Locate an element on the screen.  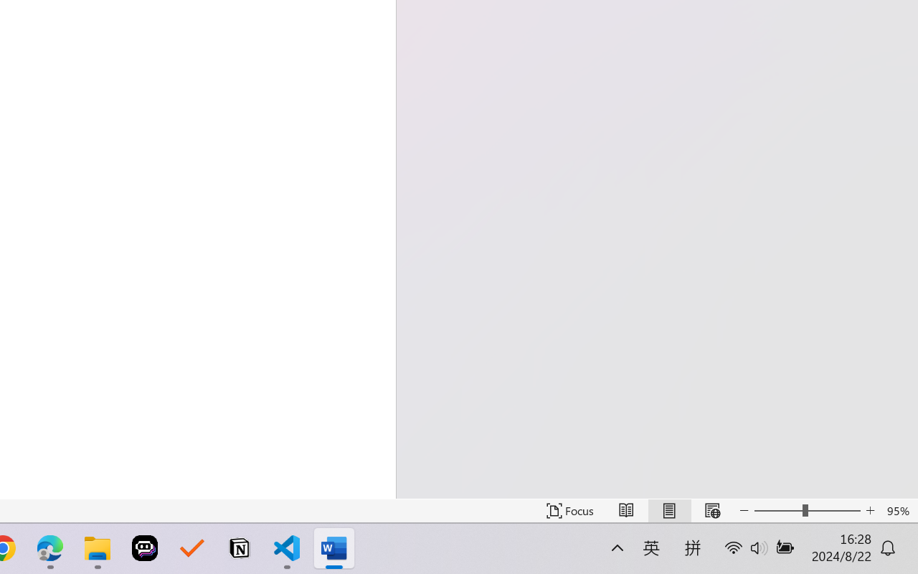
'Zoom 95%' is located at coordinates (898, 510).